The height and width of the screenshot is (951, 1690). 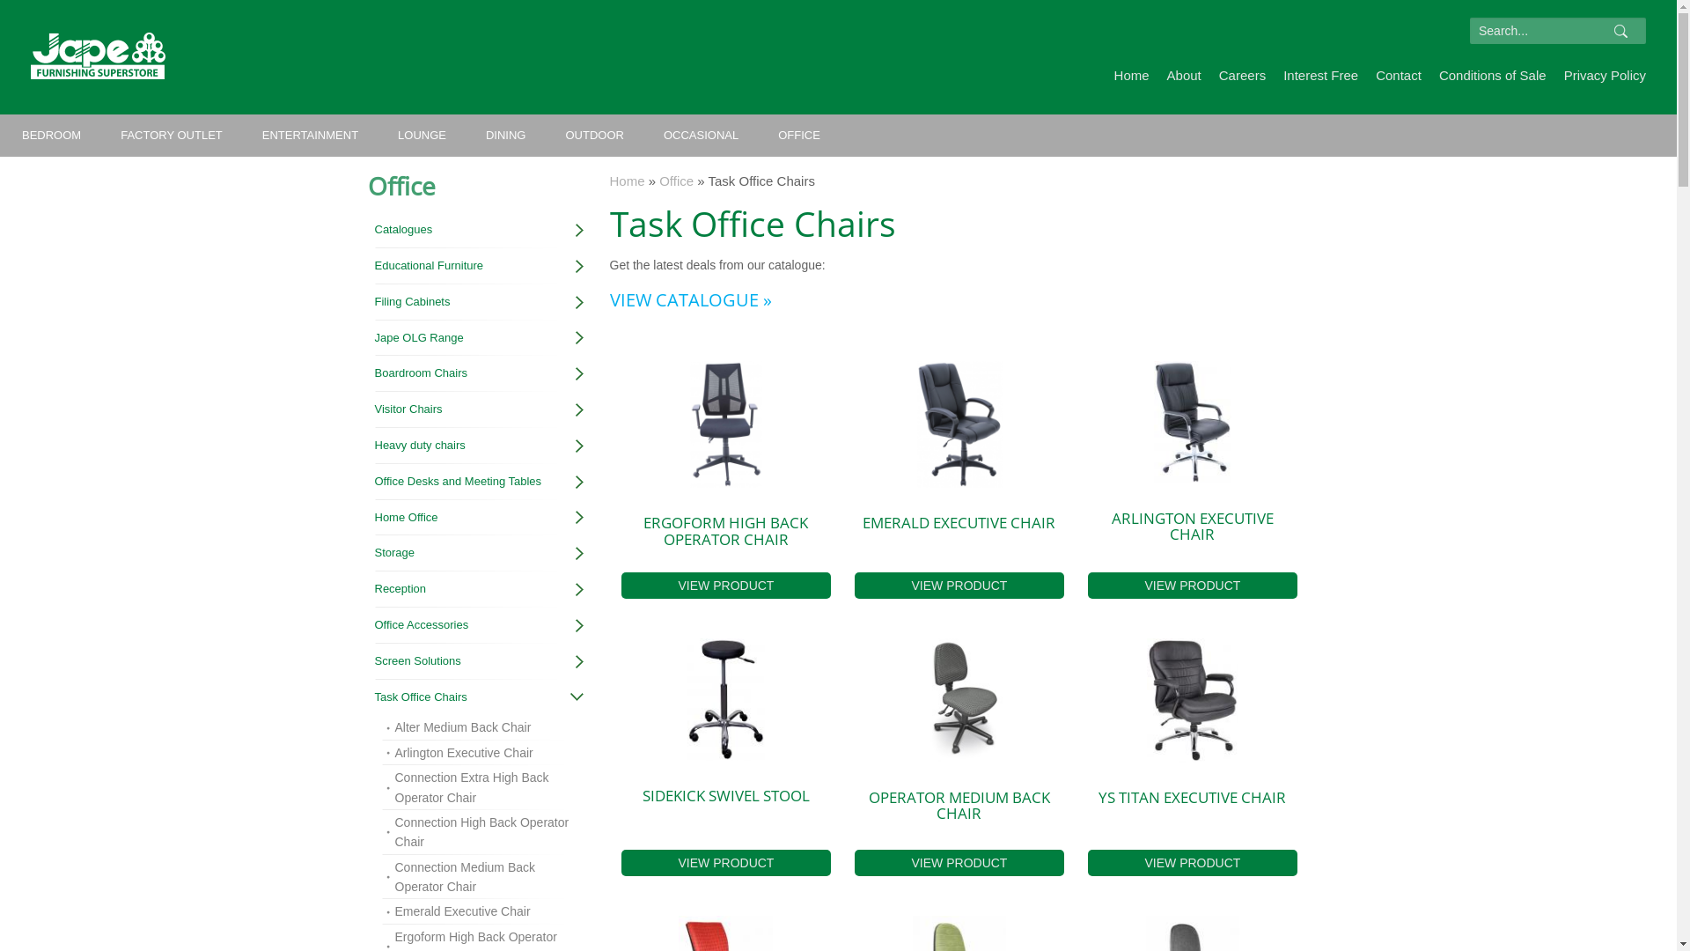 What do you see at coordinates (484, 877) in the screenshot?
I see `'Connection Medium Back Operator Chair'` at bounding box center [484, 877].